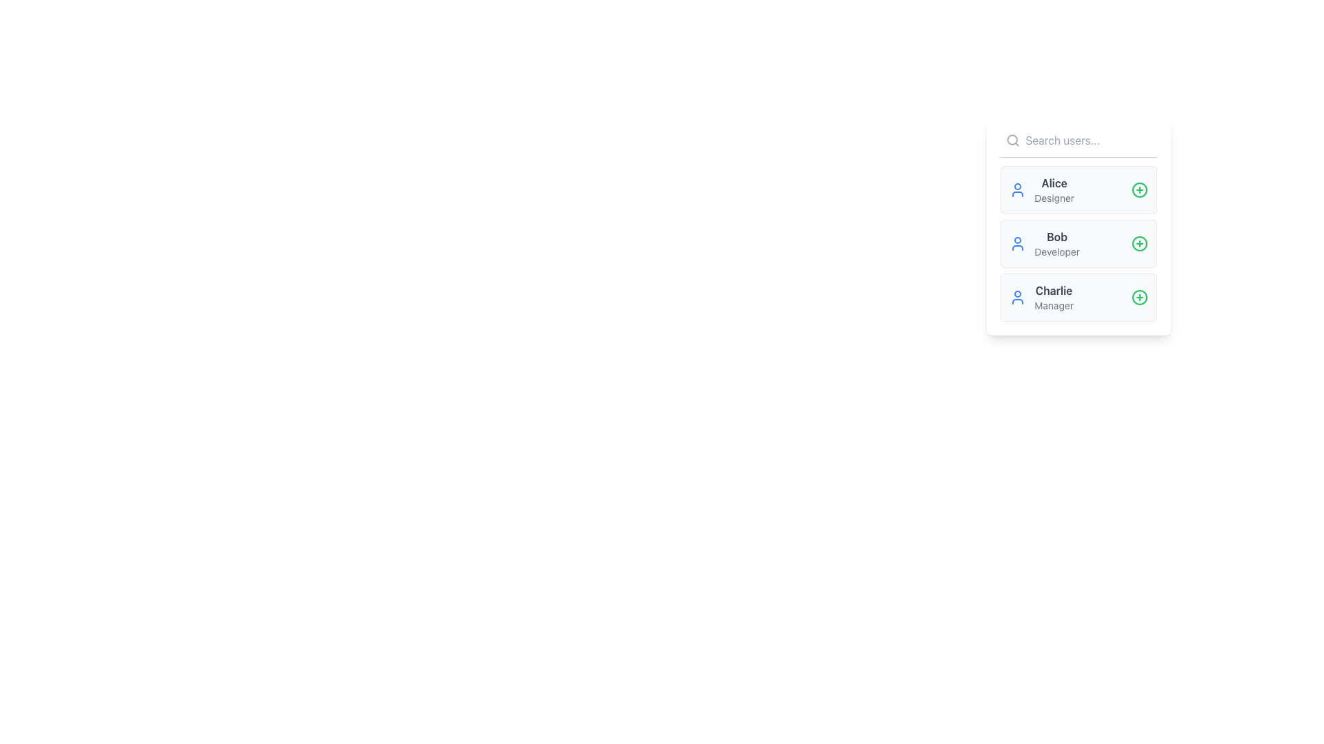  I want to click on the circular green icon with a plus sign located to the right of the text 'Bob' in the vertical list, so click(1139, 243).